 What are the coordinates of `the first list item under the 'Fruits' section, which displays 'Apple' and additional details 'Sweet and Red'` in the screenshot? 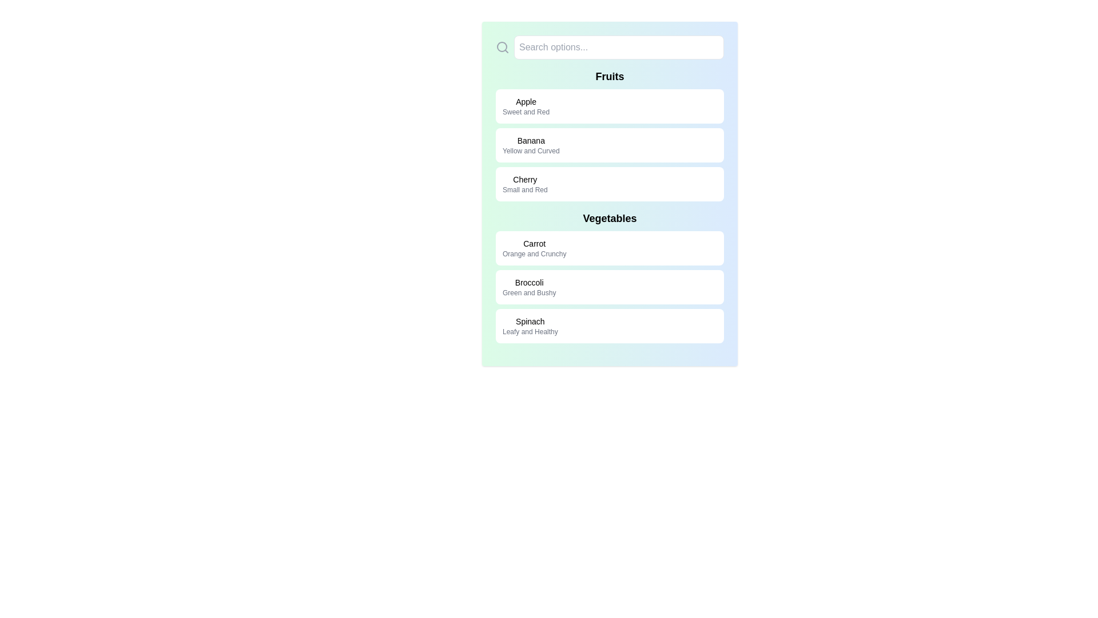 It's located at (609, 106).